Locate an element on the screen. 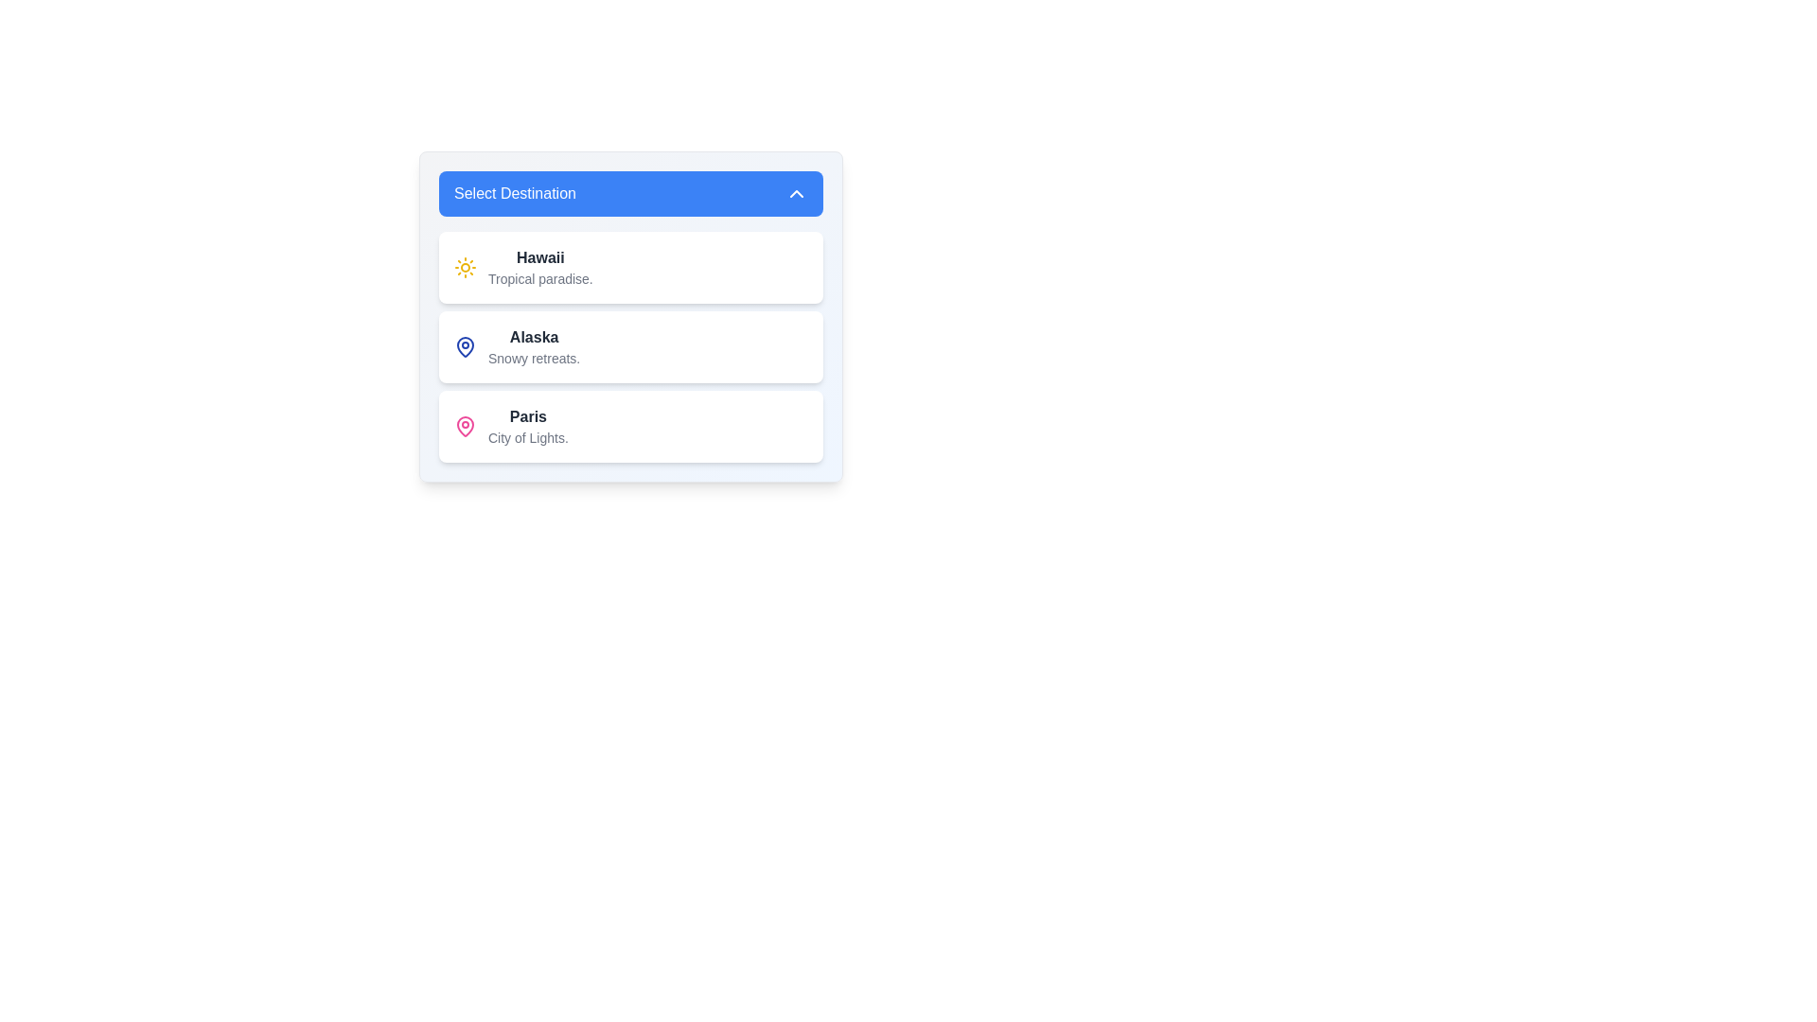  text display representing the Alaska travel destination, which is located in the 'Select Destination' section between the Hawaii and Paris options is located at coordinates (533, 346).